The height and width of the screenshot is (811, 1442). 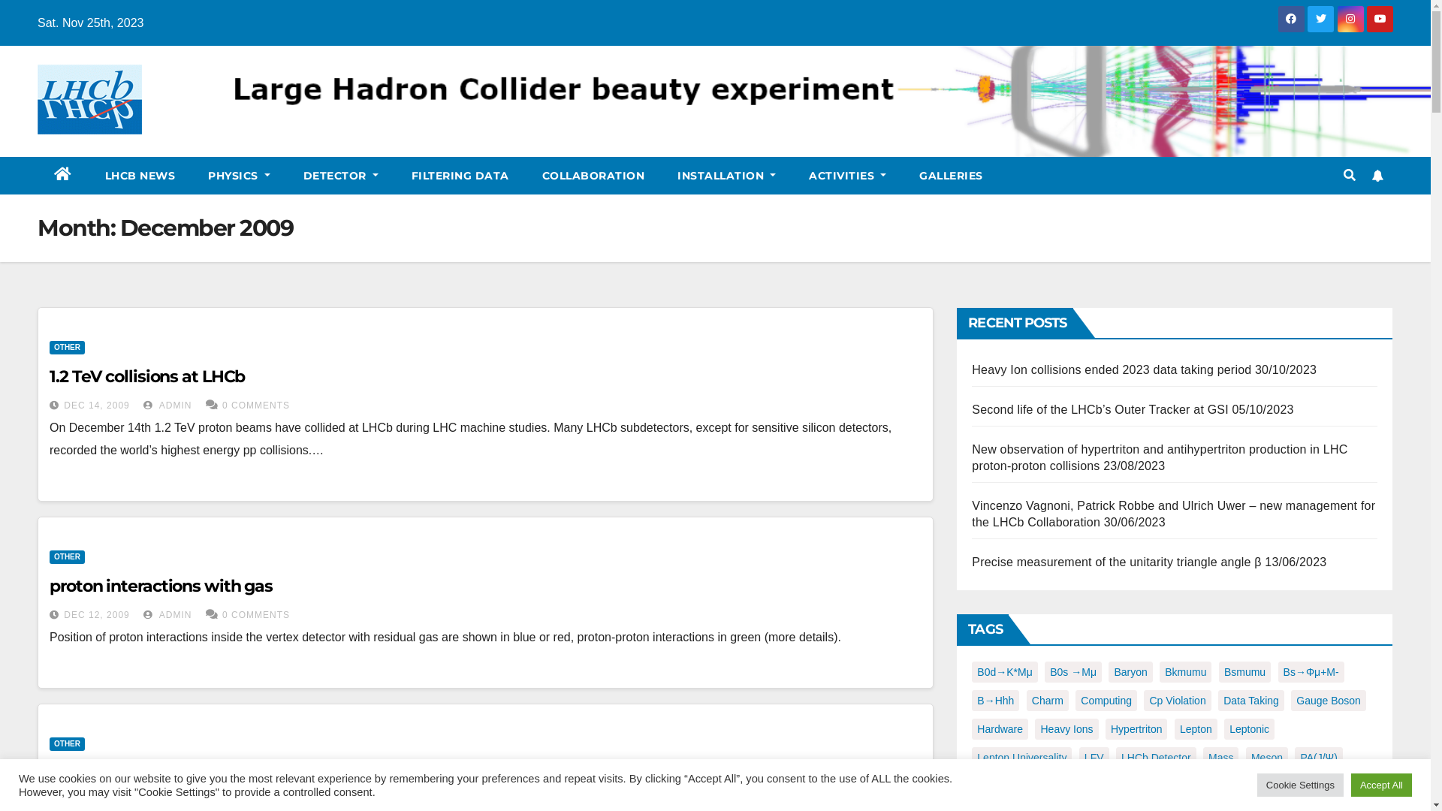 What do you see at coordinates (1220, 758) in the screenshot?
I see `'Mass'` at bounding box center [1220, 758].